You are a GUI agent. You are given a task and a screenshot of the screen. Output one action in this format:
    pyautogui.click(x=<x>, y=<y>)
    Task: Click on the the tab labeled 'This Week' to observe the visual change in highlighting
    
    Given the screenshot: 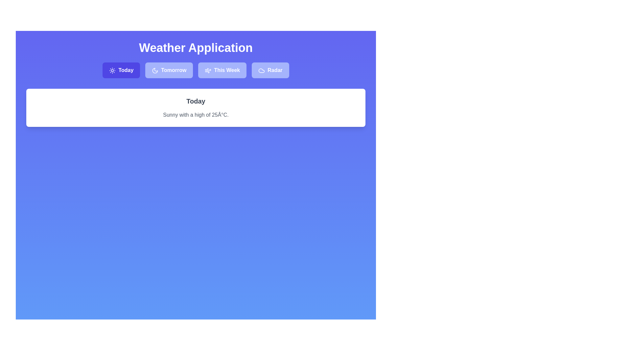 What is the action you would take?
    pyautogui.click(x=222, y=70)
    